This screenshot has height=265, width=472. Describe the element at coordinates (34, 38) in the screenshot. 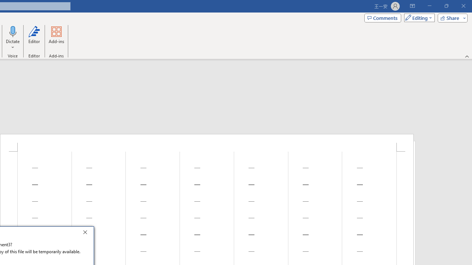

I see `'Editor'` at that location.